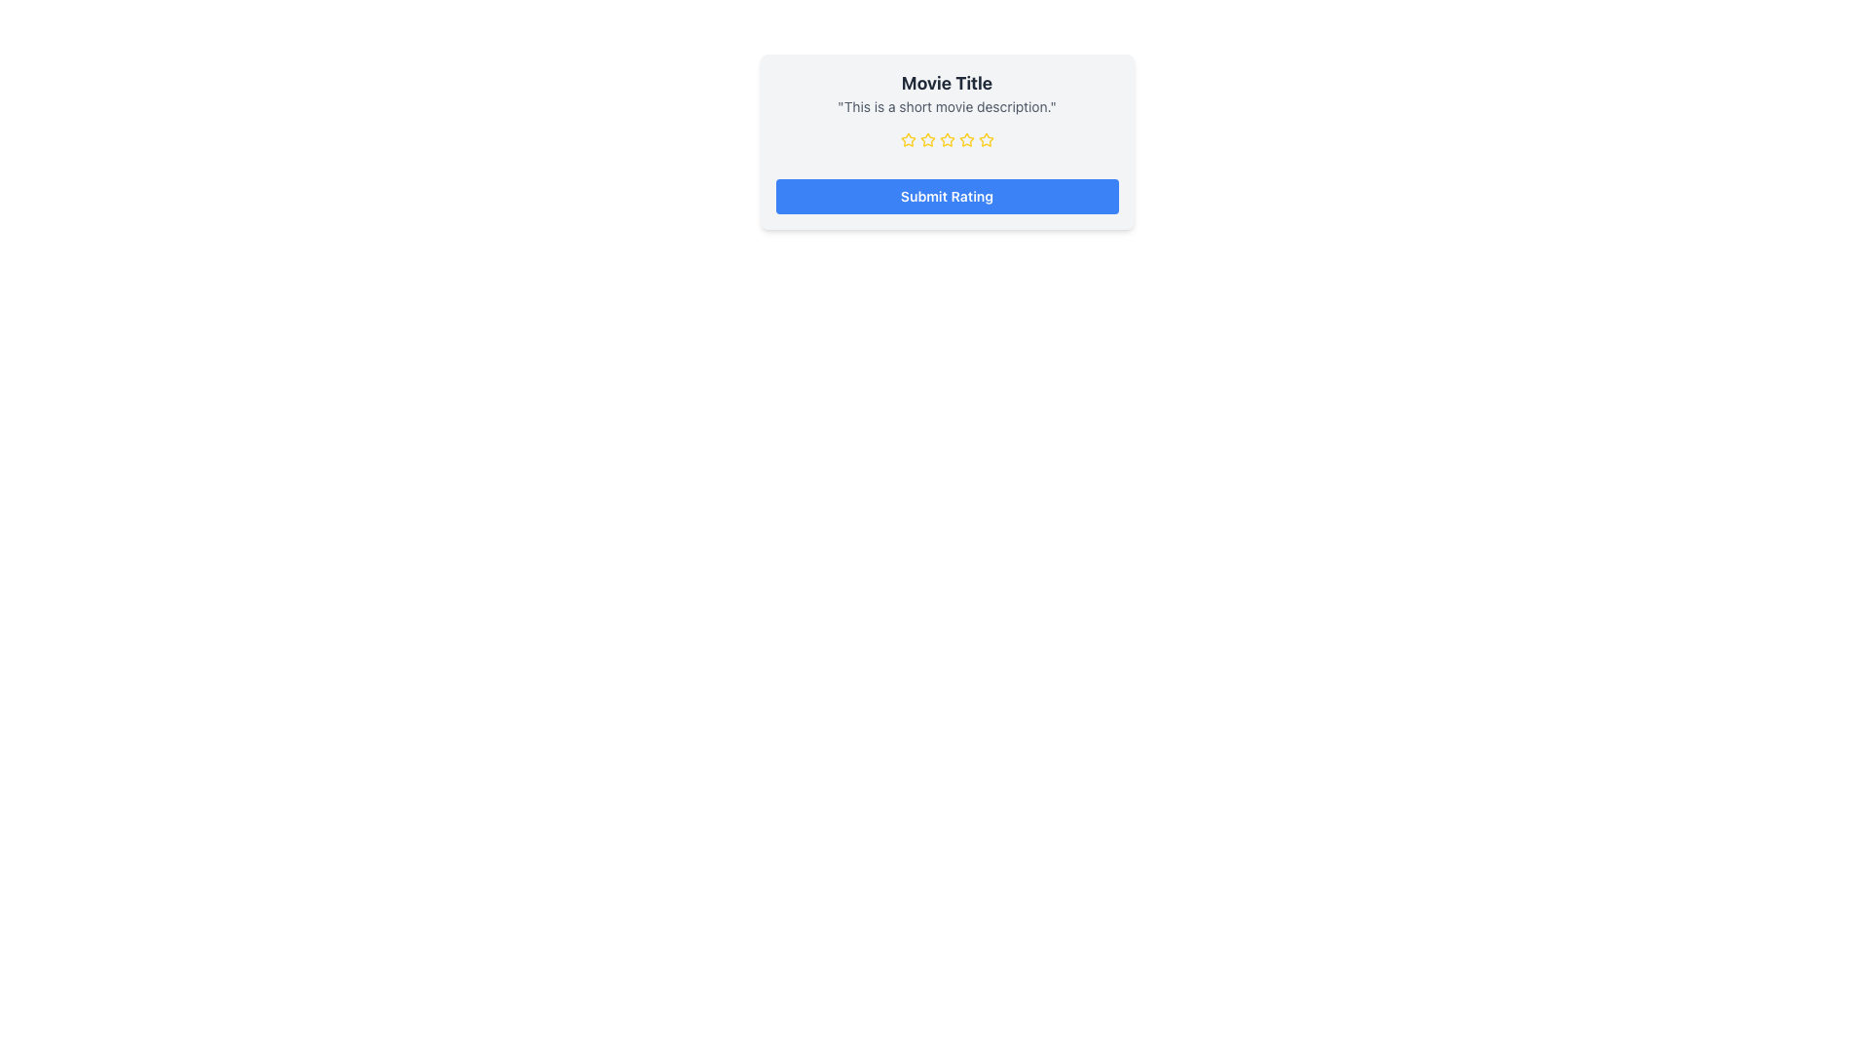 The height and width of the screenshot is (1052, 1870). I want to click on the fourth yellow rating star icon from the left, located below the movie title and description, so click(986, 138).